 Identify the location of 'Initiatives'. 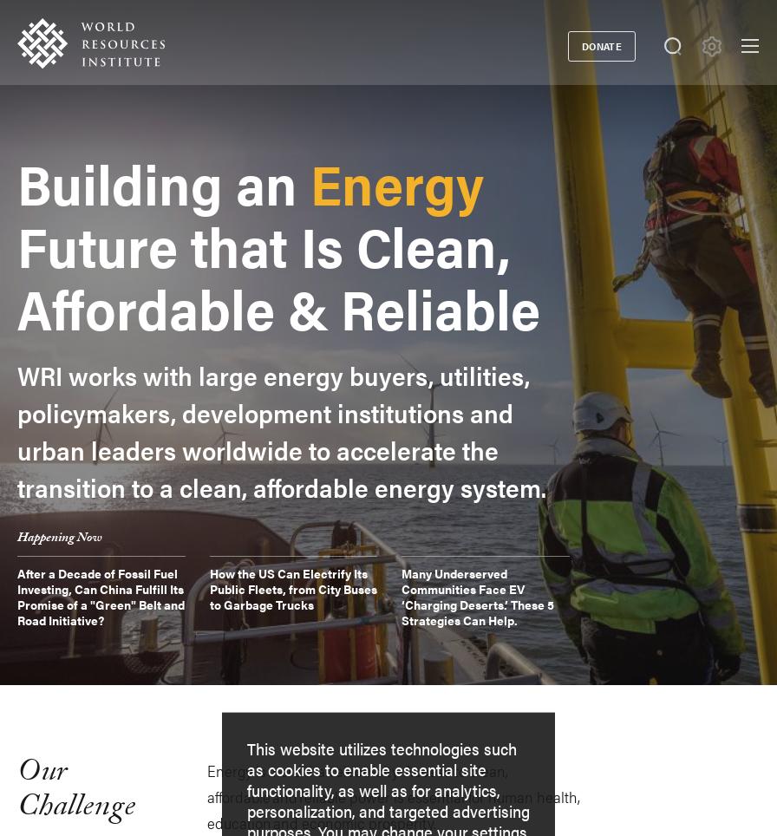
(483, 195).